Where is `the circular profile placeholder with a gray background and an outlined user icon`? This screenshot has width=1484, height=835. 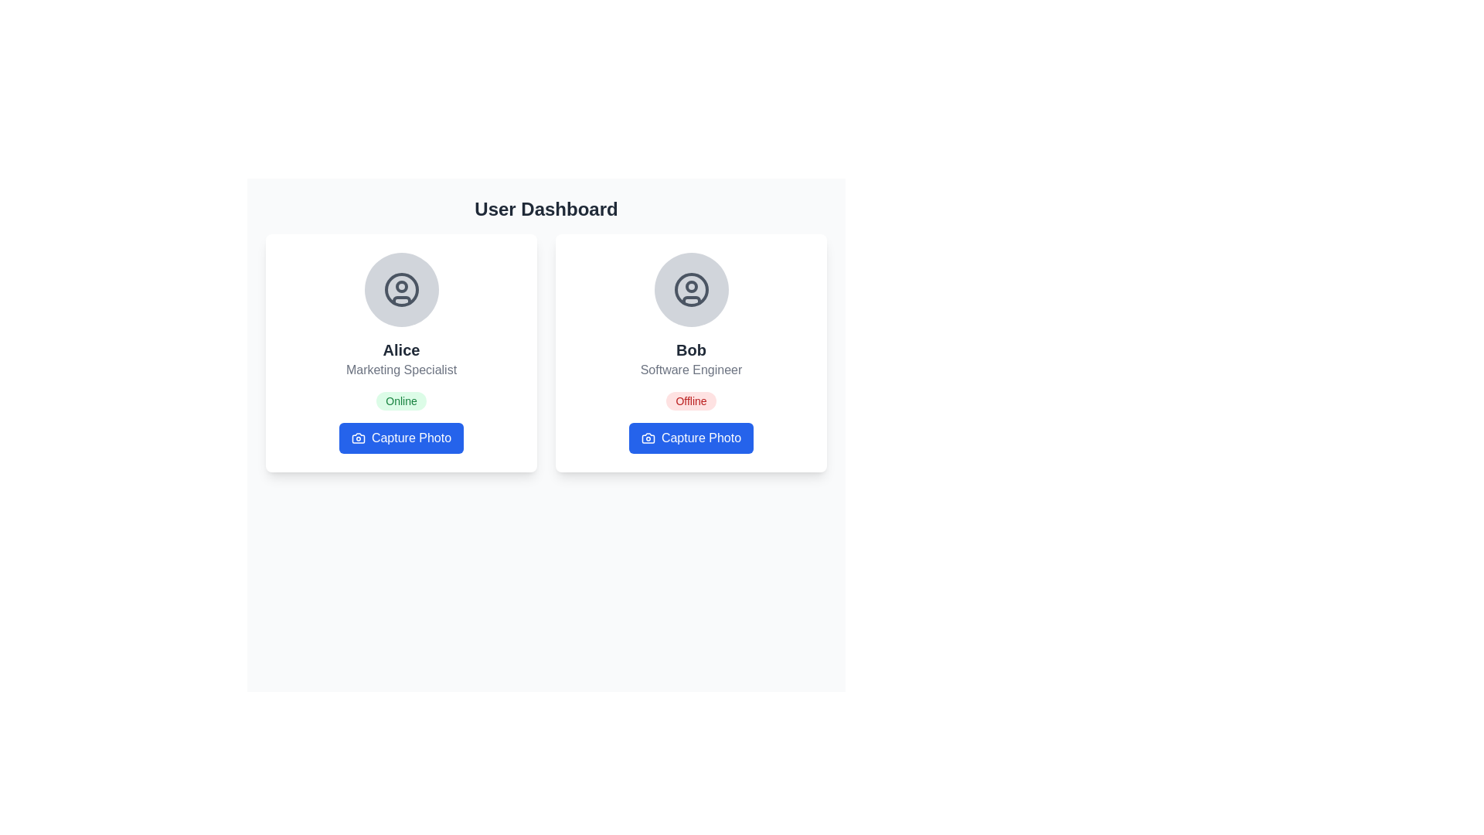 the circular profile placeholder with a gray background and an outlined user icon is located at coordinates (401, 289).